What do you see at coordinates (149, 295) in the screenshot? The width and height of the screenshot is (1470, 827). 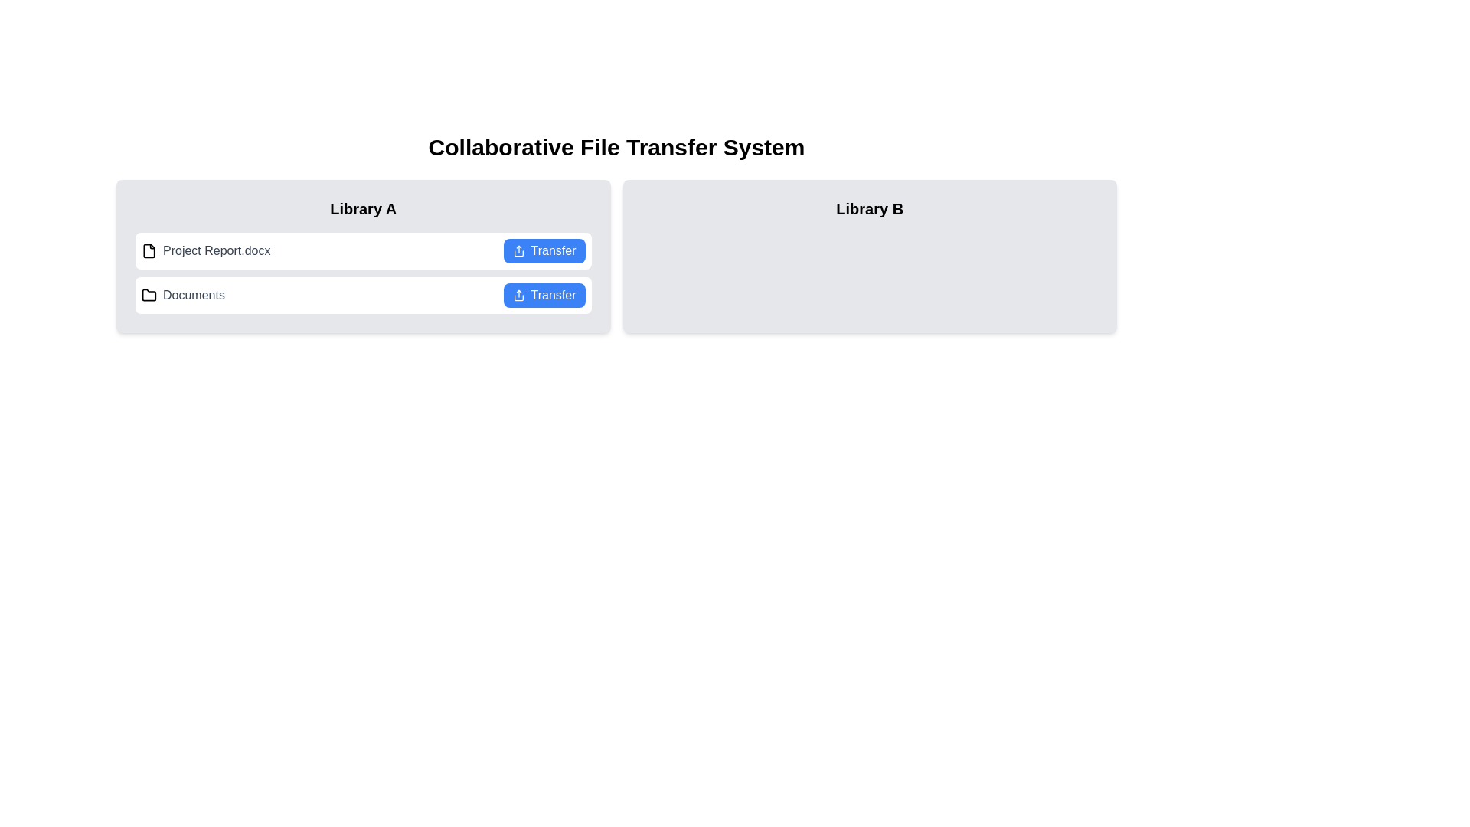 I see `the folder-like icon located next to the 'Documents' label in the second entry row under 'Library A'` at bounding box center [149, 295].